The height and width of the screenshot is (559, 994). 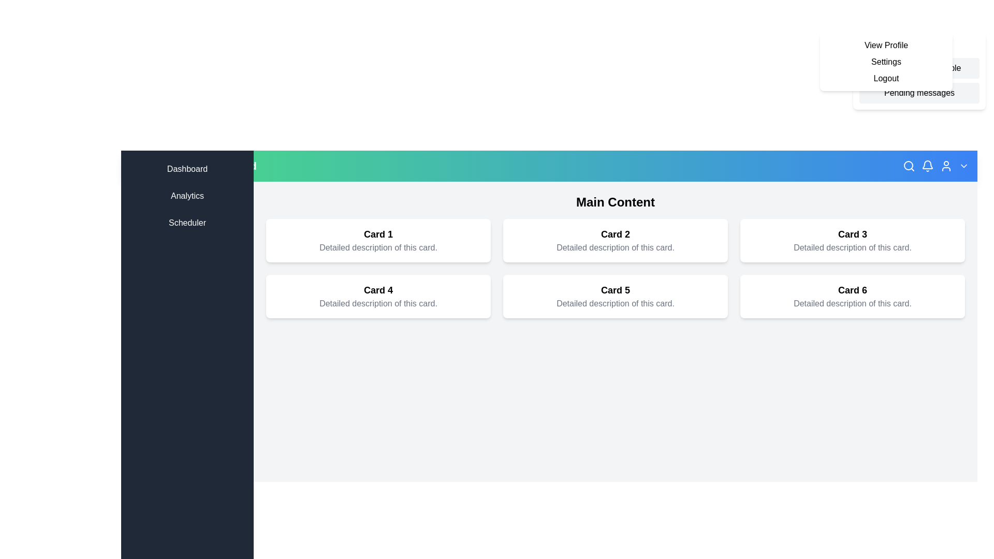 I want to click on title displayed in the text label that shows 'Card 2', which is centrally aligned at the top of its card, so click(x=616, y=234).